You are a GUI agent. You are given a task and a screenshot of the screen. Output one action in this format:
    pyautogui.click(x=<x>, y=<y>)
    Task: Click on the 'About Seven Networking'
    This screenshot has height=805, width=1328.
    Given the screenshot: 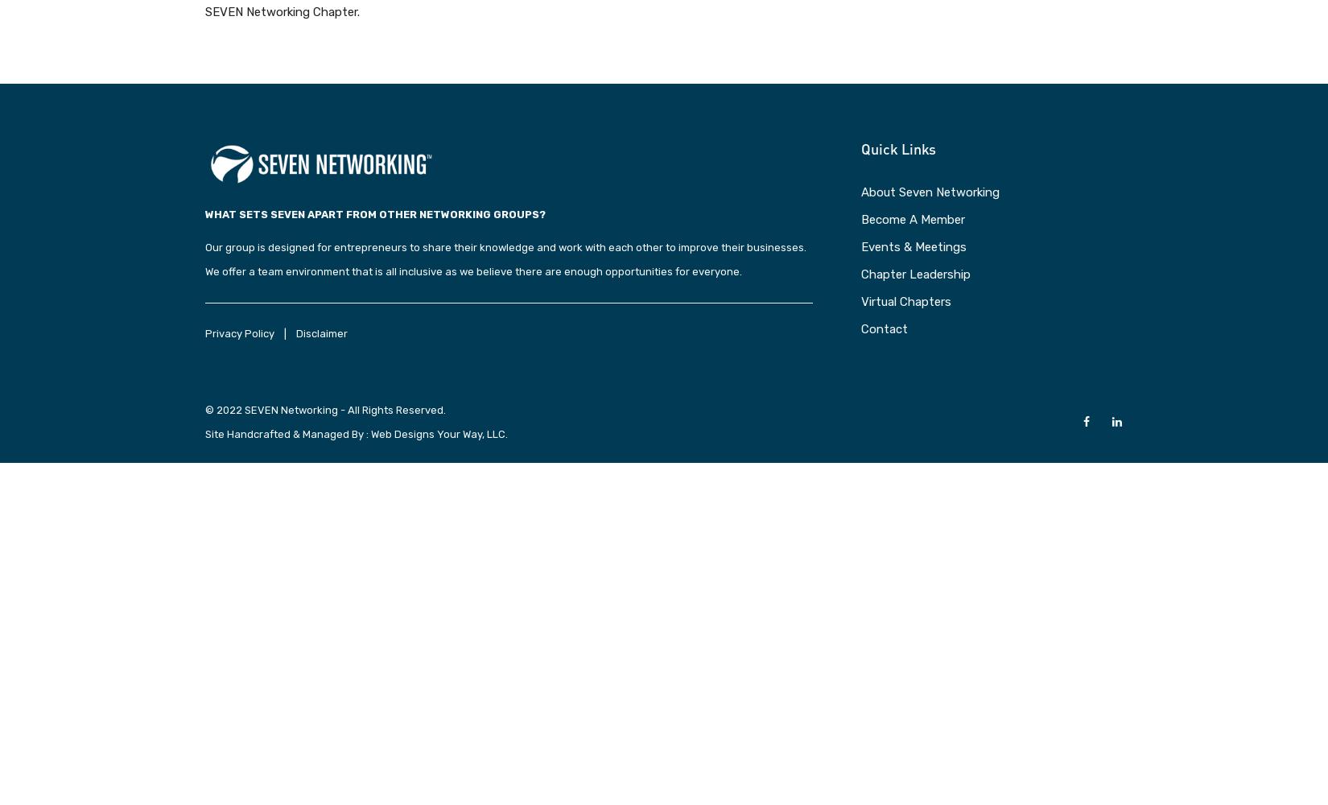 What is the action you would take?
    pyautogui.click(x=861, y=191)
    